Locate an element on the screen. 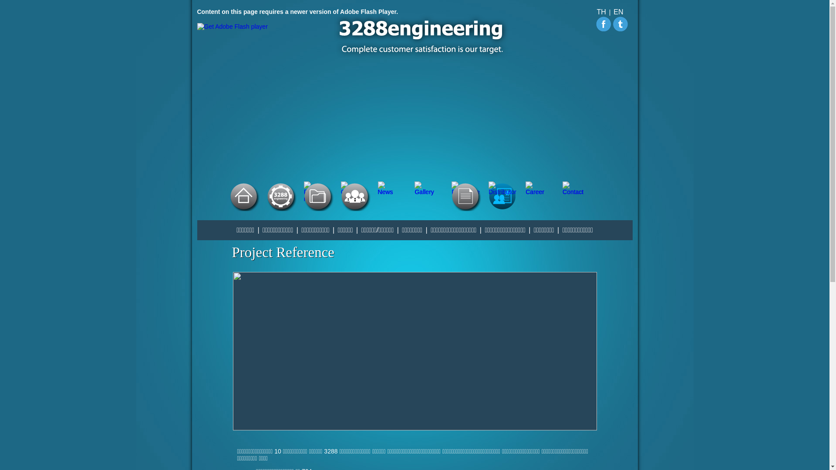  'TH' is located at coordinates (601, 12).